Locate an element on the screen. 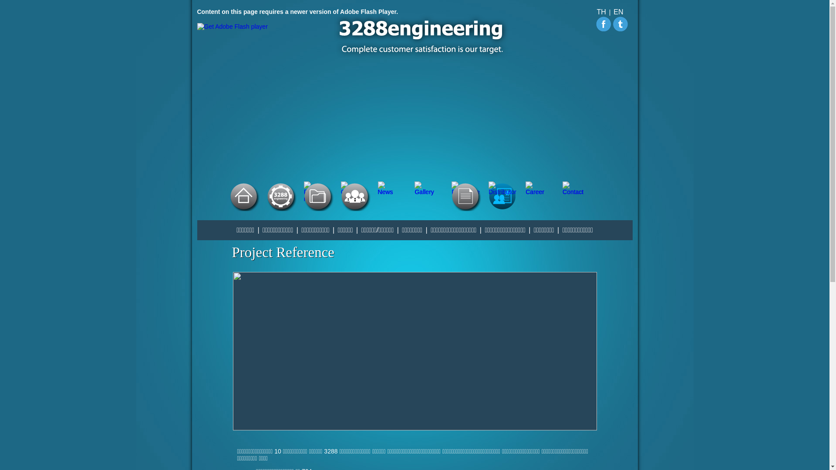  'TH' is located at coordinates (601, 12).